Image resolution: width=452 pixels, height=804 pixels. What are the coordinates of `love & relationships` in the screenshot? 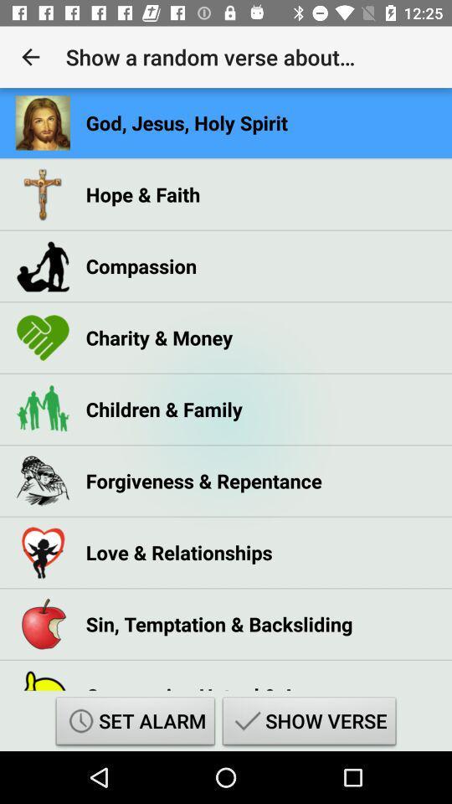 It's located at (178, 551).